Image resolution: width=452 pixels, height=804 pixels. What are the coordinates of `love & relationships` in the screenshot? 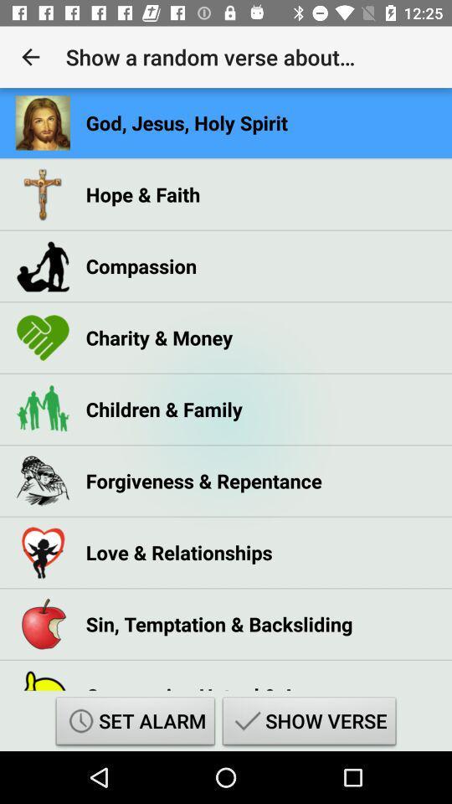 It's located at (178, 551).